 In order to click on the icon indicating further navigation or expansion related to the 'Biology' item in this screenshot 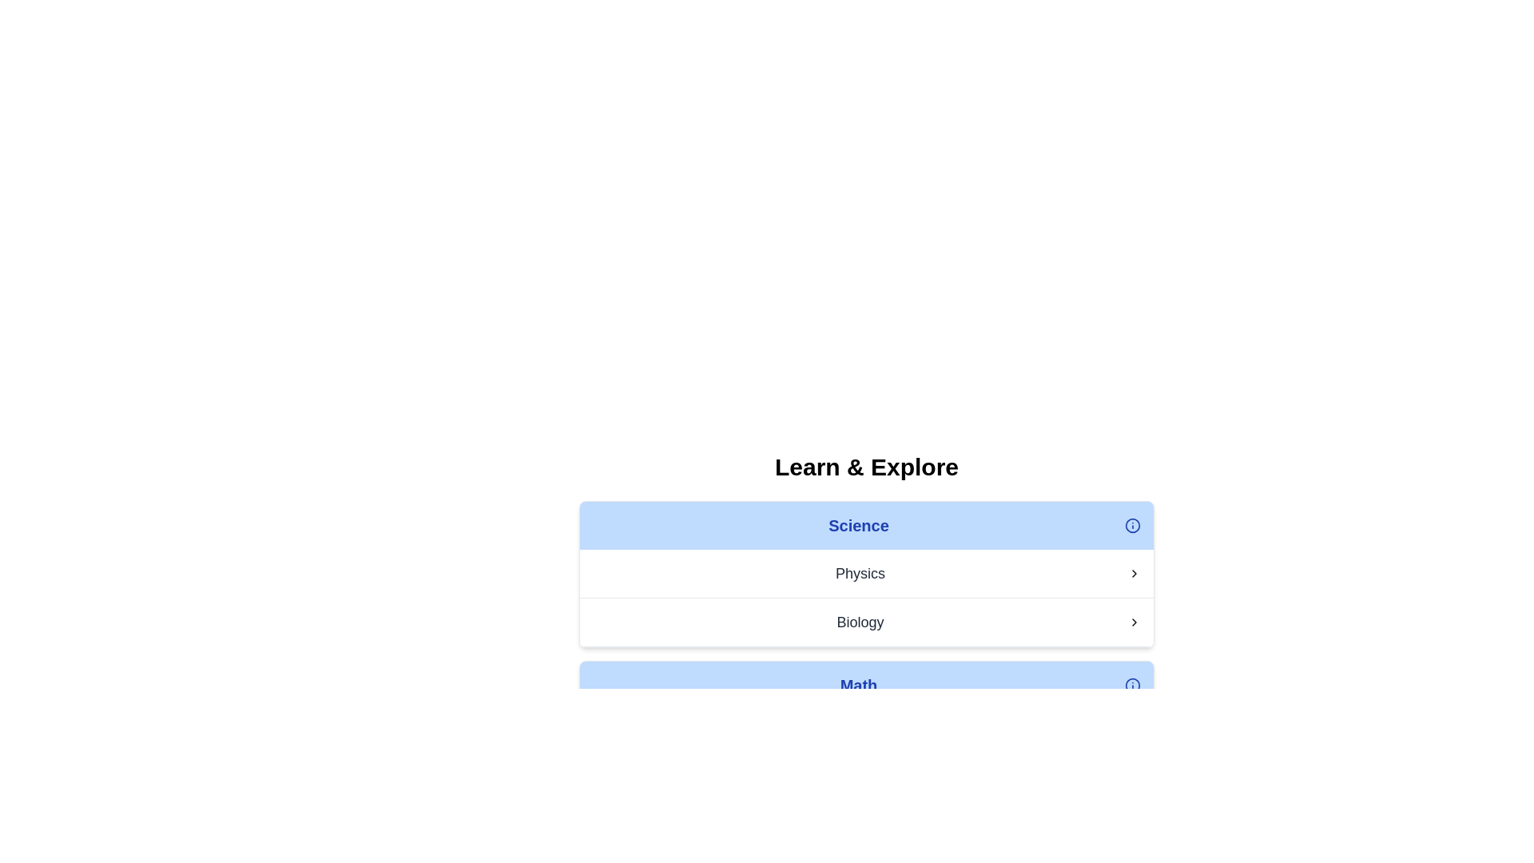, I will do `click(1134, 622)`.